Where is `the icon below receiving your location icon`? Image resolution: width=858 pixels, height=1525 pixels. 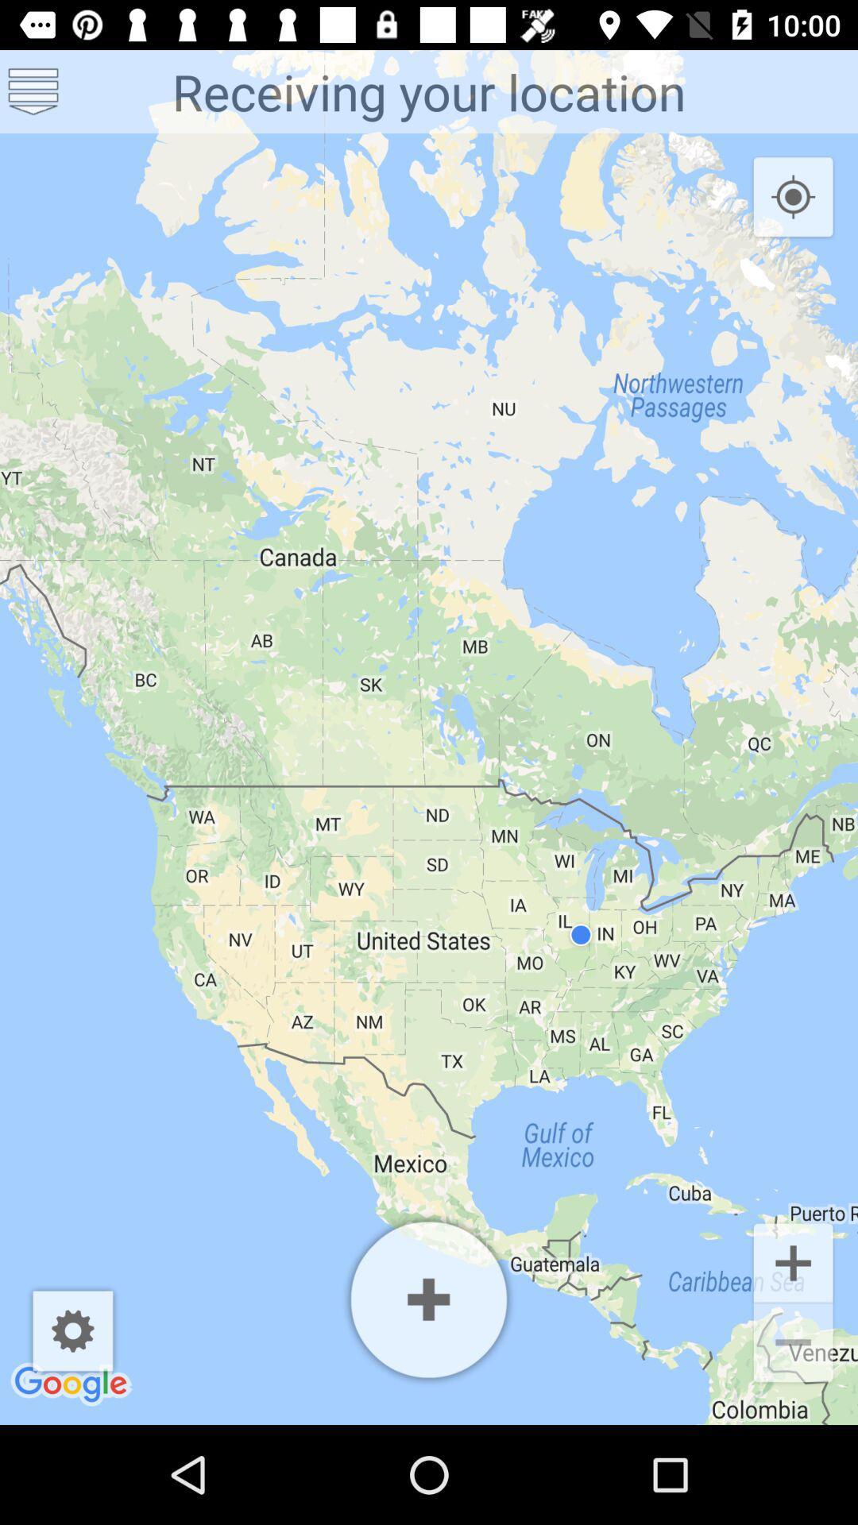 the icon below receiving your location icon is located at coordinates (72, 1330).